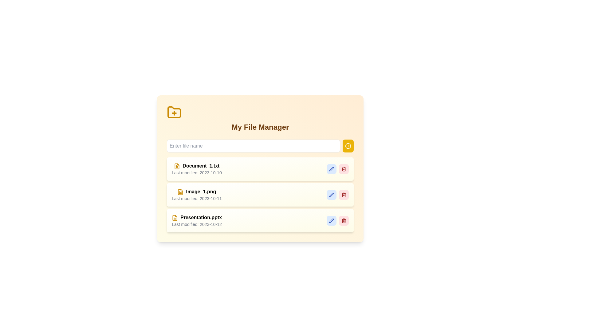  What do you see at coordinates (331, 195) in the screenshot?
I see `the edit button icon located to the left of the red trash icon, which initiates the edit action for the associated file 'Image_1.png'` at bounding box center [331, 195].